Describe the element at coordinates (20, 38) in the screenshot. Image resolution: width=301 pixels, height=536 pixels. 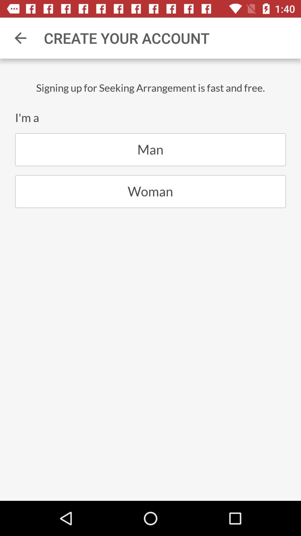
I see `app next to create your account` at that location.